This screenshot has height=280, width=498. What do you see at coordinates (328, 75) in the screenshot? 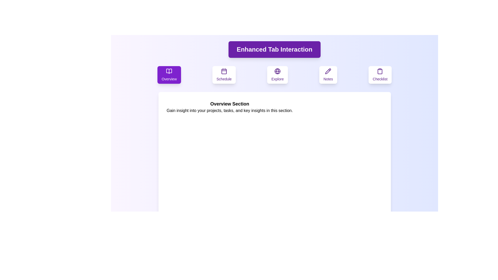
I see `the 'Notes' button` at bounding box center [328, 75].